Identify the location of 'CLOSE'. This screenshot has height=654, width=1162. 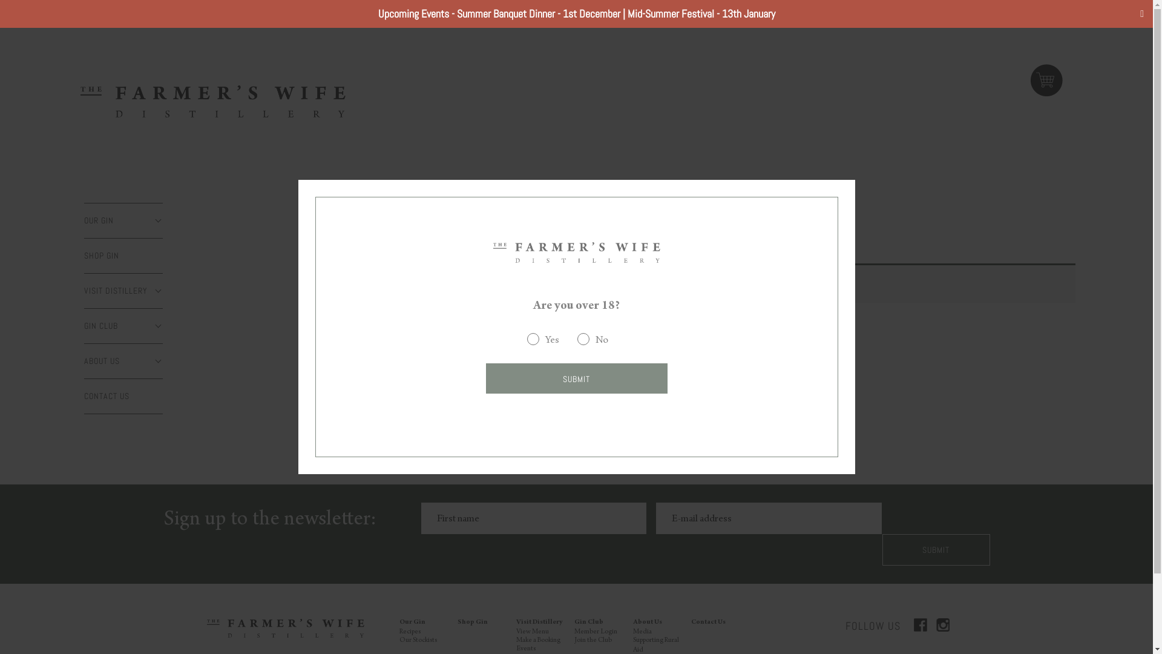
(153, 291).